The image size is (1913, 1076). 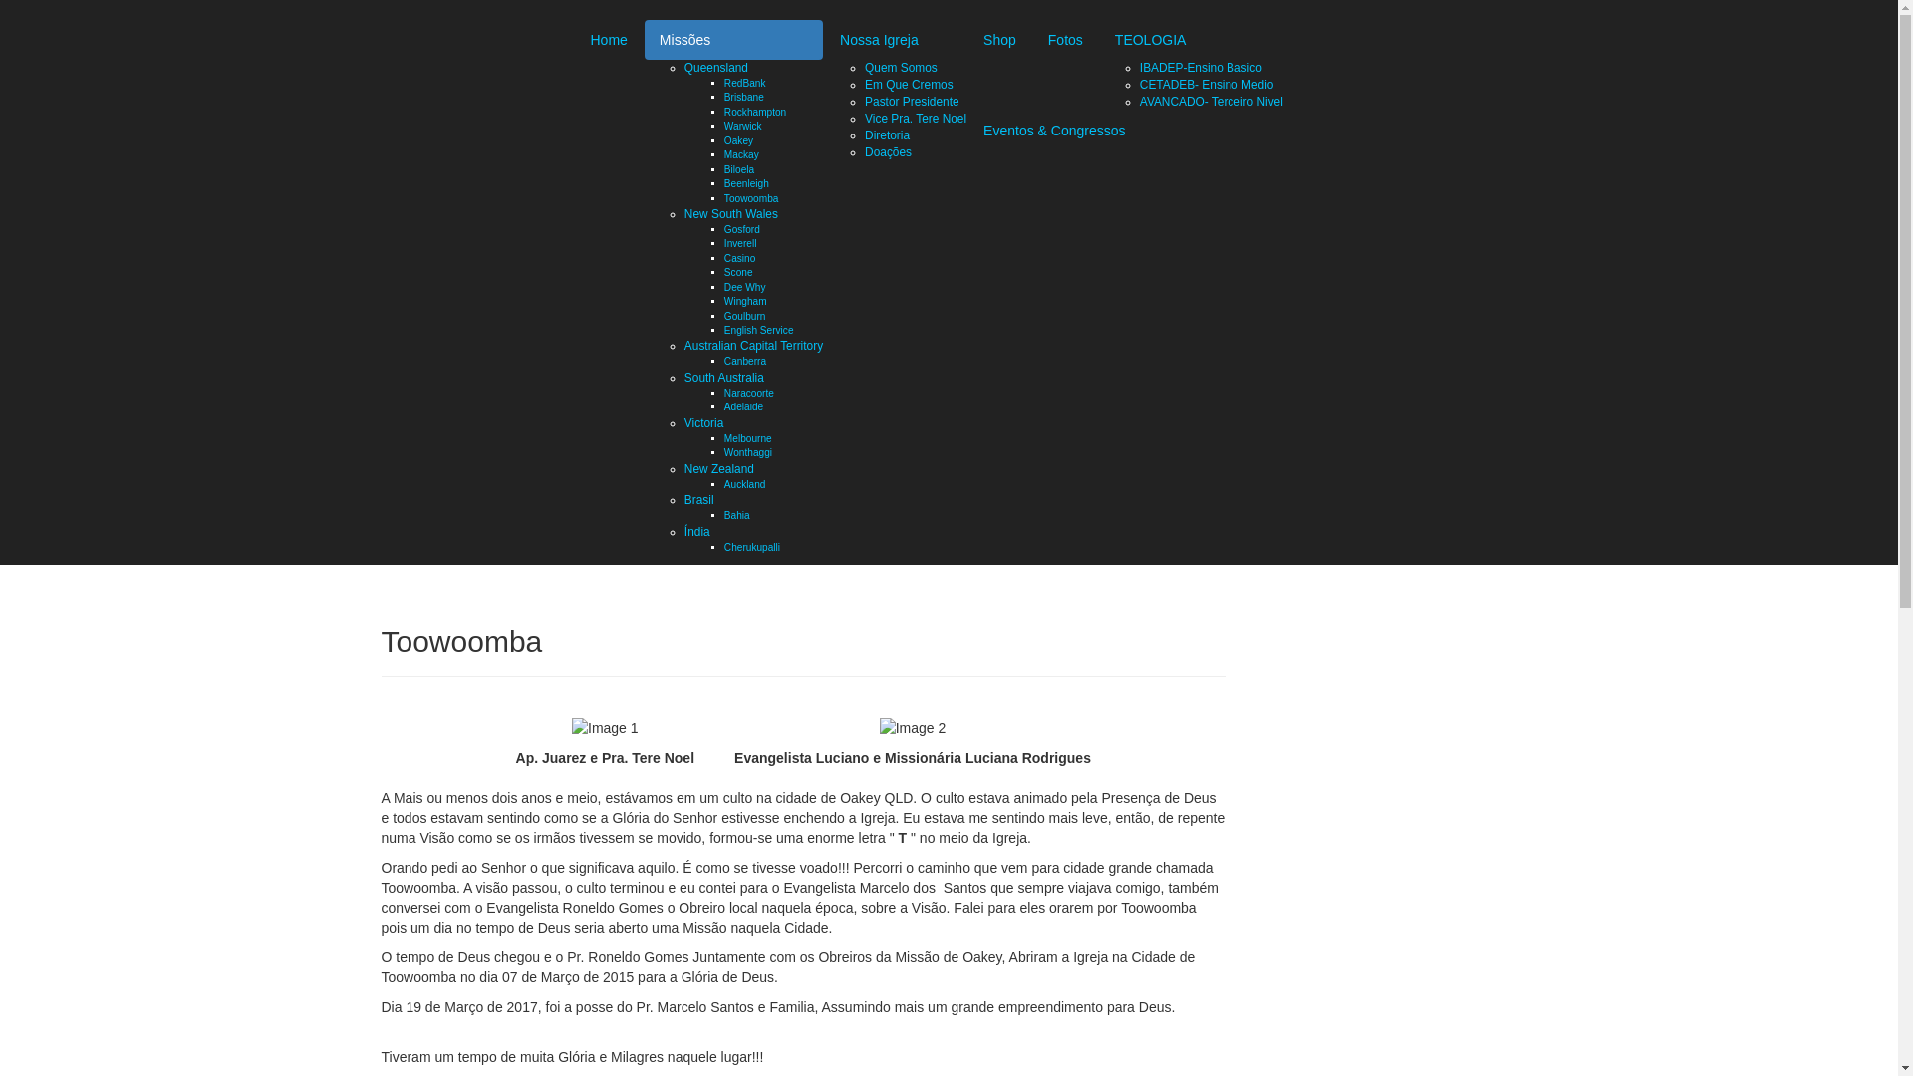 I want to click on 'Inverell', so click(x=739, y=242).